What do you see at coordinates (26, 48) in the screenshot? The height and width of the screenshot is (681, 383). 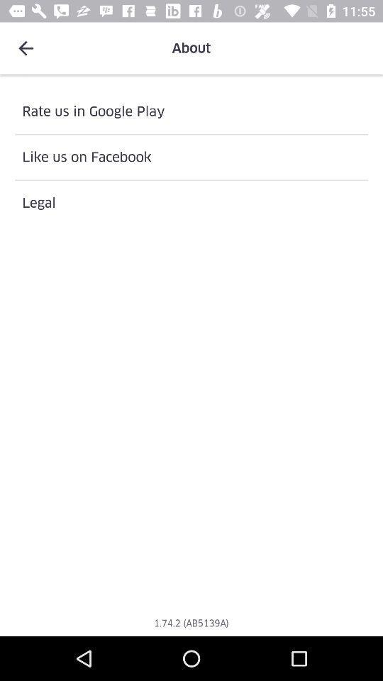 I see `icon to the left of the about` at bounding box center [26, 48].